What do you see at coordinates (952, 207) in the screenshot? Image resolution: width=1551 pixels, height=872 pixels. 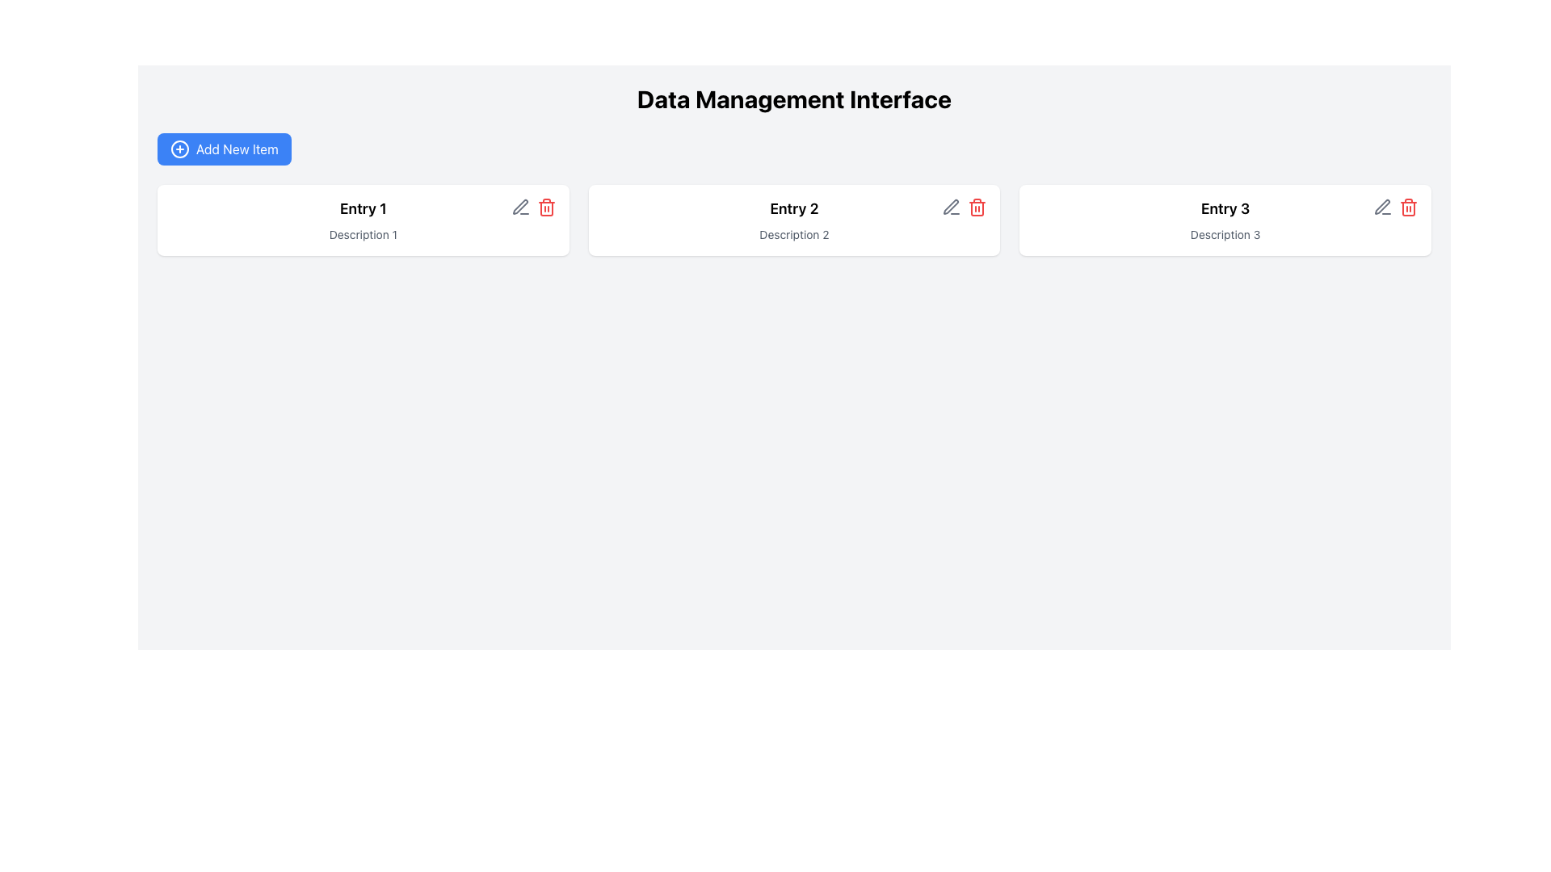 I see `the 'Edit' icon button located in the top-right corner of the card containing 'Entry 2 Description 2' to change its color` at bounding box center [952, 207].